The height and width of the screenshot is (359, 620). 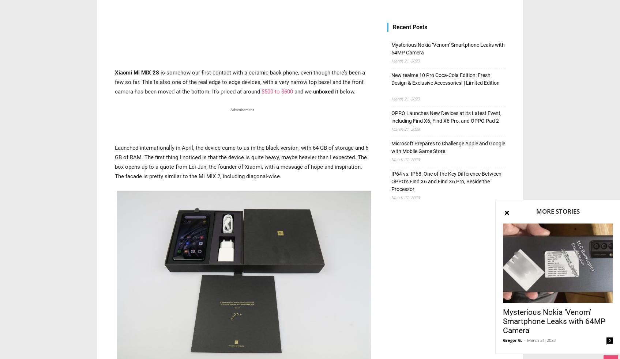 What do you see at coordinates (344, 91) in the screenshot?
I see `'it below.'` at bounding box center [344, 91].